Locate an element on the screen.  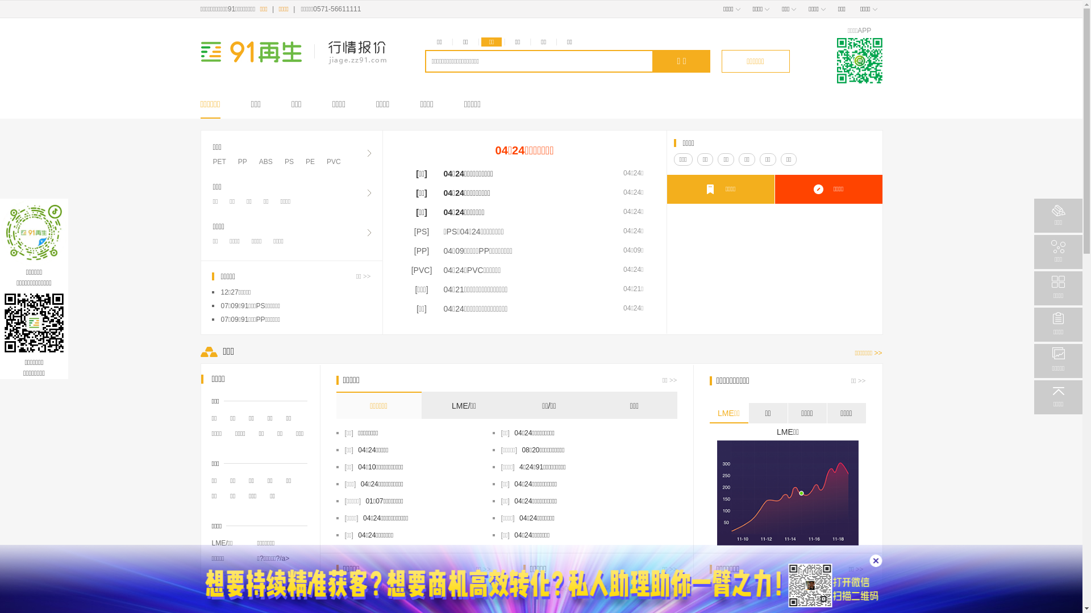
'[PVC]' is located at coordinates (421, 270).